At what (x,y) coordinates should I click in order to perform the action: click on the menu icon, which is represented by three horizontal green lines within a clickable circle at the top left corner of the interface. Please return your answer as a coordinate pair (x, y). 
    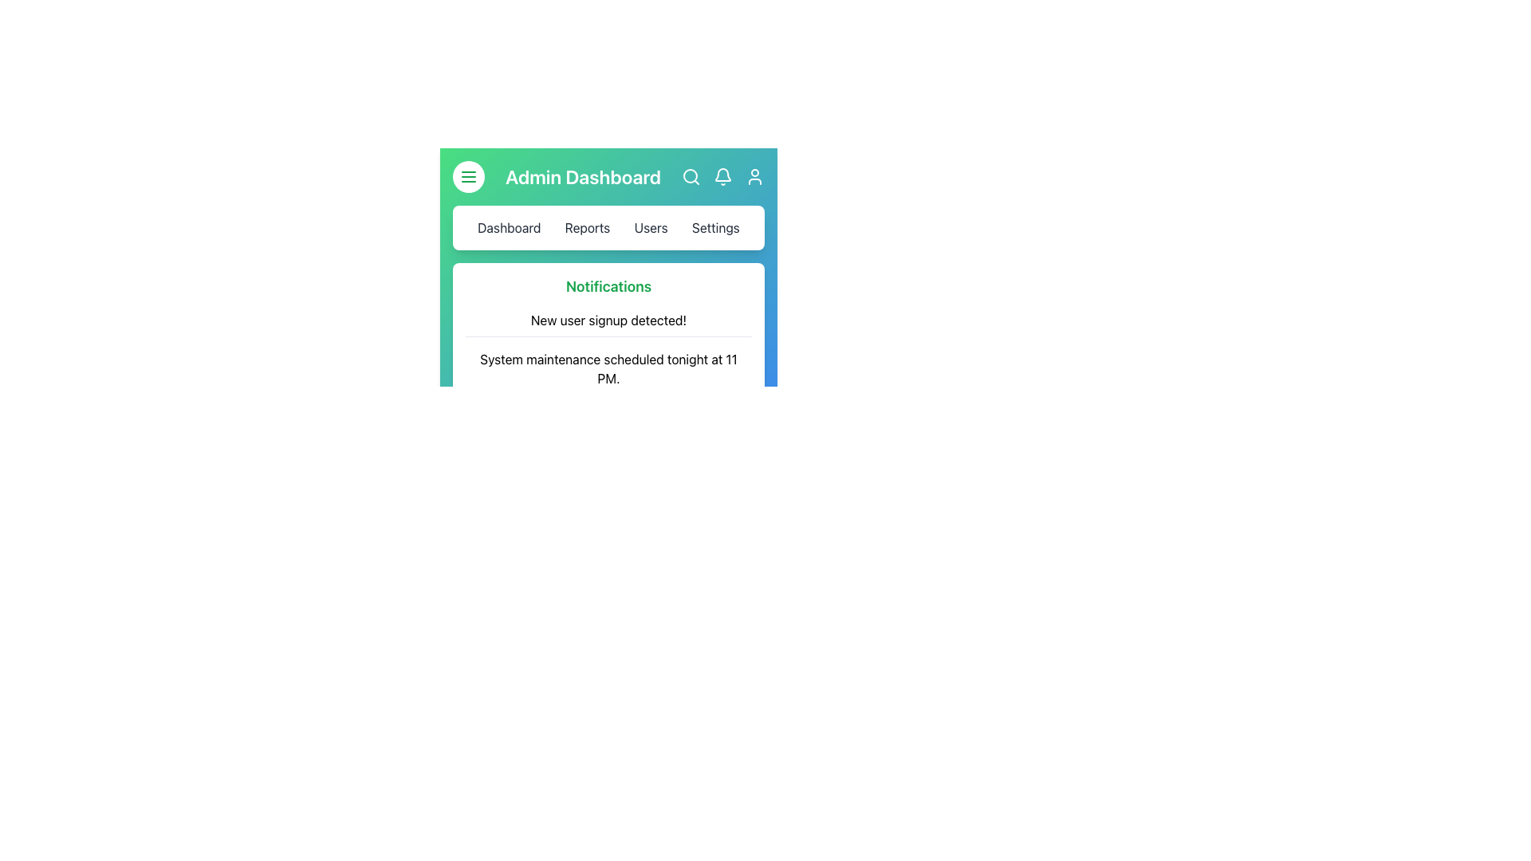
    Looking at the image, I should click on (468, 177).